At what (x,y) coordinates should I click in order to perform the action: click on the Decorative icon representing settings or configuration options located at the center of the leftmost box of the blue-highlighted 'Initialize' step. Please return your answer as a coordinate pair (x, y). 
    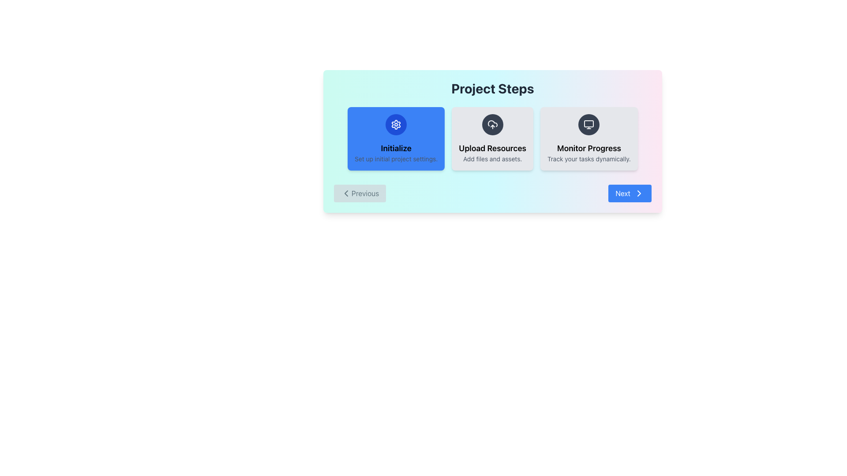
    Looking at the image, I should click on (396, 124).